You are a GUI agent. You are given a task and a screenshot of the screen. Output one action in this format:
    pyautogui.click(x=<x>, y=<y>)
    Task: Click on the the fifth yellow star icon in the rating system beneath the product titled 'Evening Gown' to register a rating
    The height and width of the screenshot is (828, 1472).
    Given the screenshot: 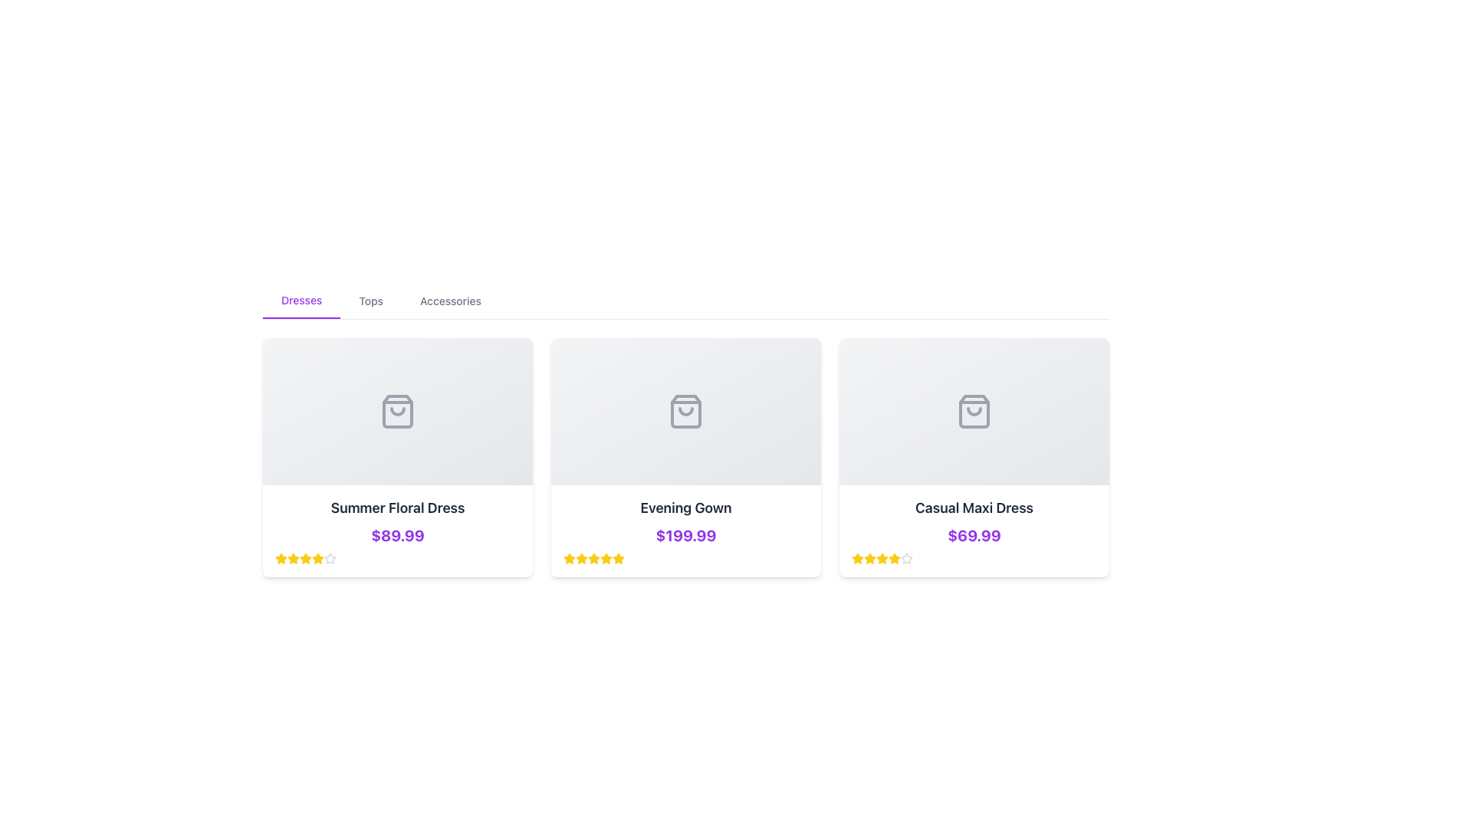 What is the action you would take?
    pyautogui.click(x=618, y=558)
    